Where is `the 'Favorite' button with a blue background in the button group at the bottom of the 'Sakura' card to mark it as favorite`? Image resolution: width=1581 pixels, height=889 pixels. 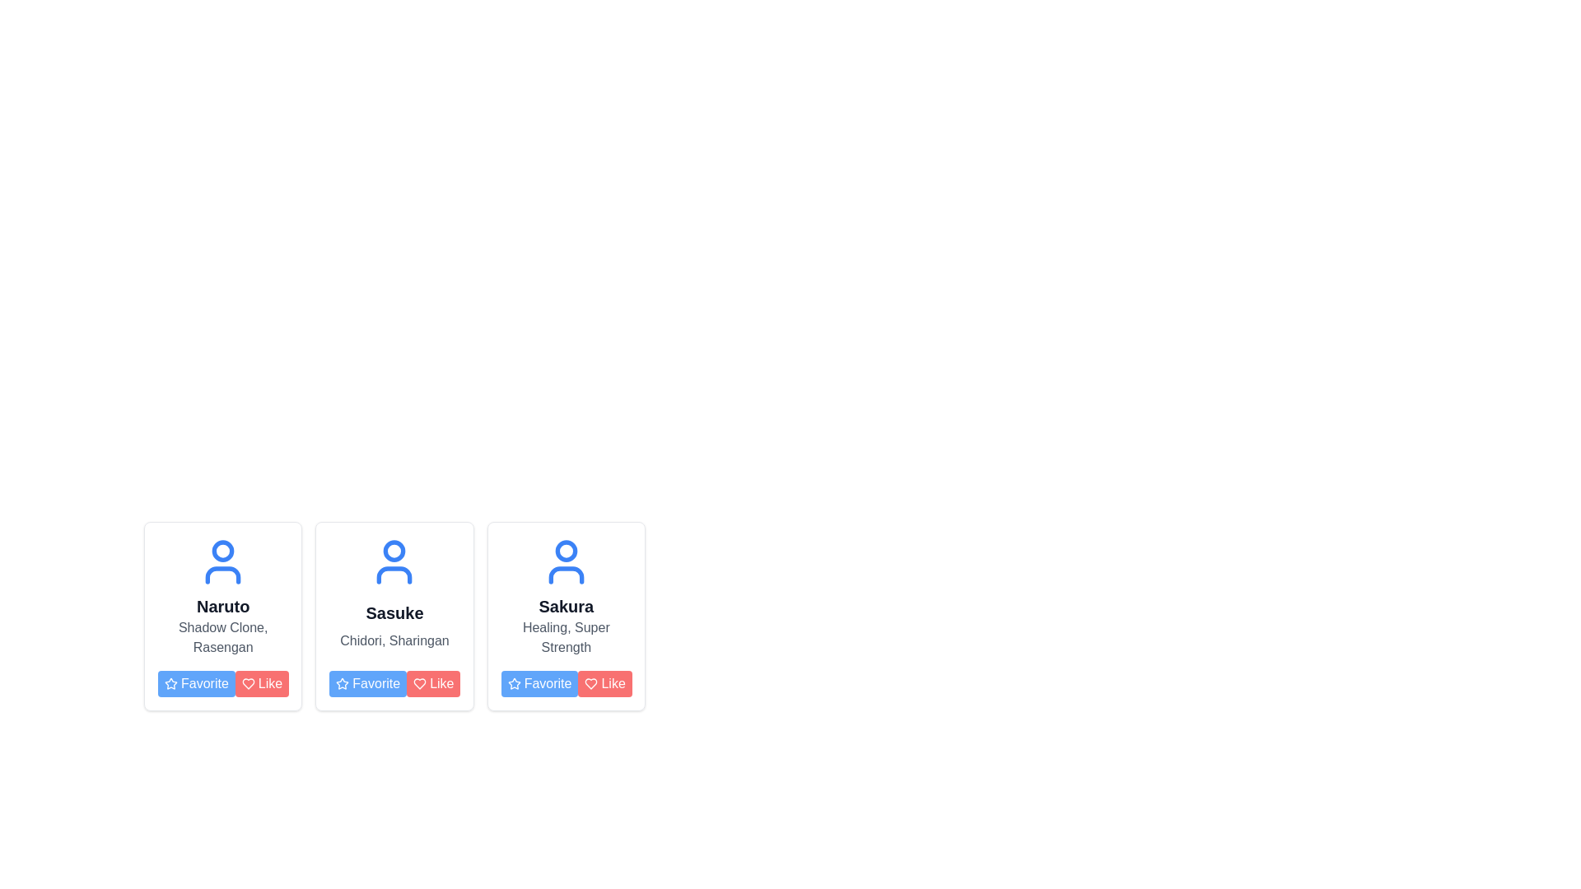 the 'Favorite' button with a blue background in the button group at the bottom of the 'Sakura' card to mark it as favorite is located at coordinates (566, 683).